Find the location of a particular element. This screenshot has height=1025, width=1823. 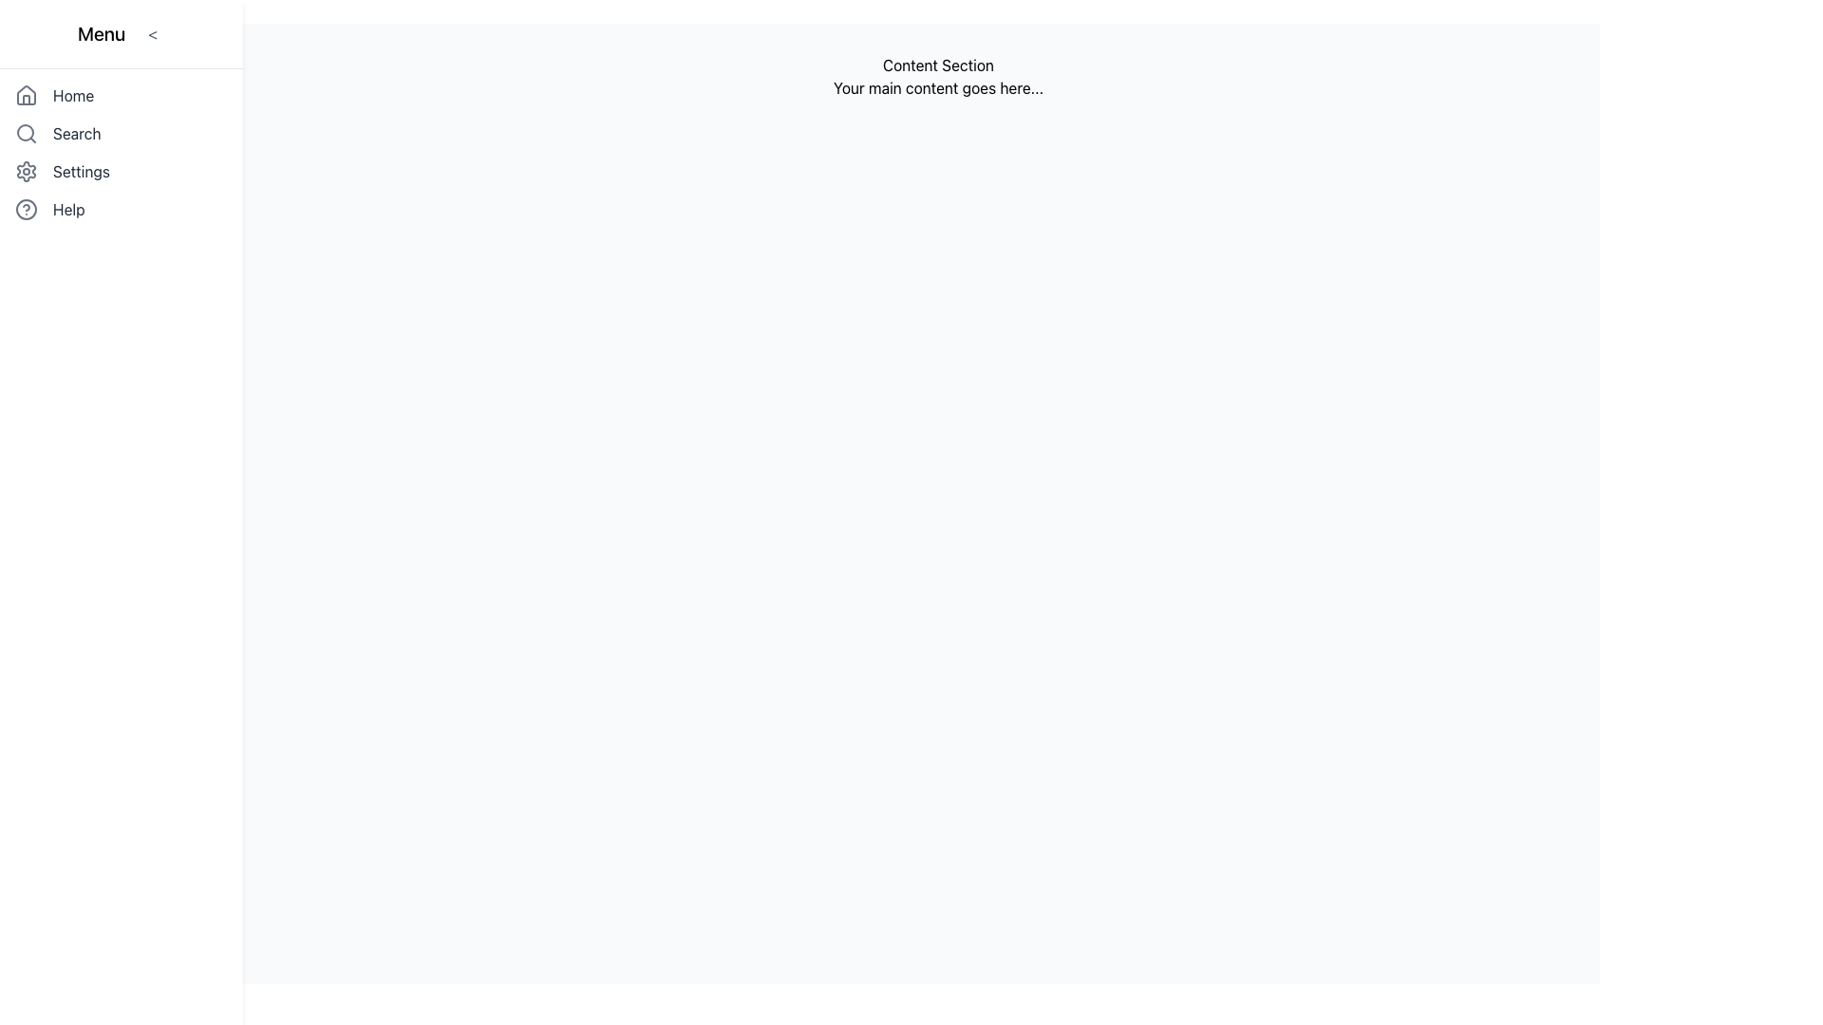

the circular decorative shape of the magnifying glass icon in the left sidebar menu, which signifies the search function is located at coordinates (26, 131).